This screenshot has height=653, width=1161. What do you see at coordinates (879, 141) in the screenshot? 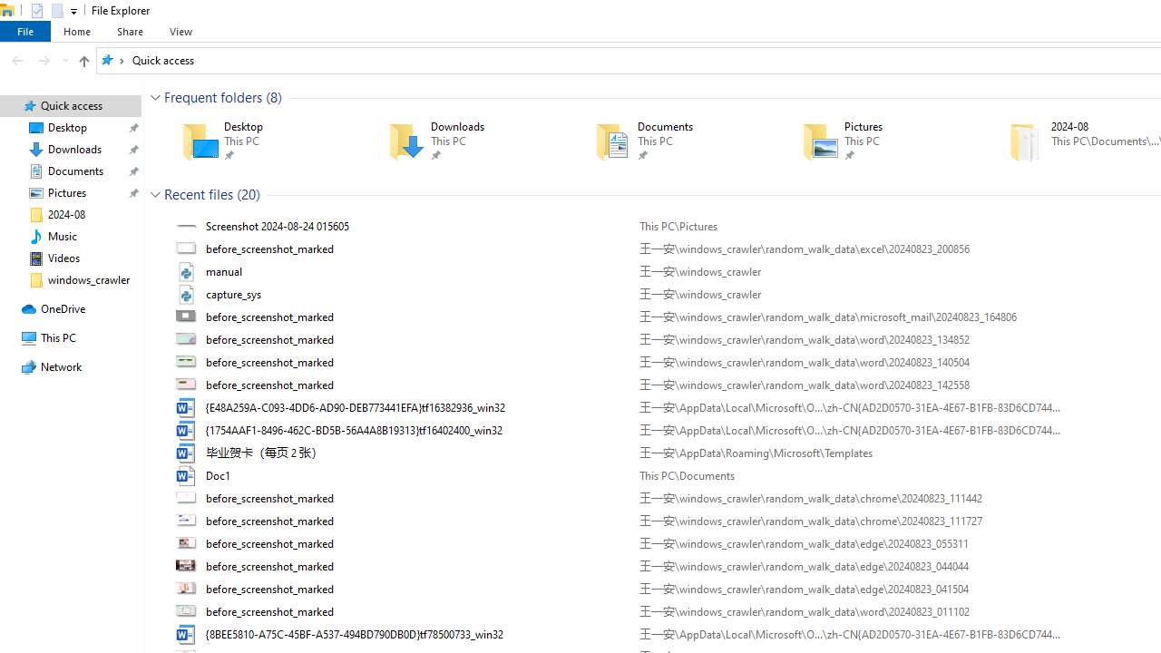
I see `'Pictures'` at bounding box center [879, 141].